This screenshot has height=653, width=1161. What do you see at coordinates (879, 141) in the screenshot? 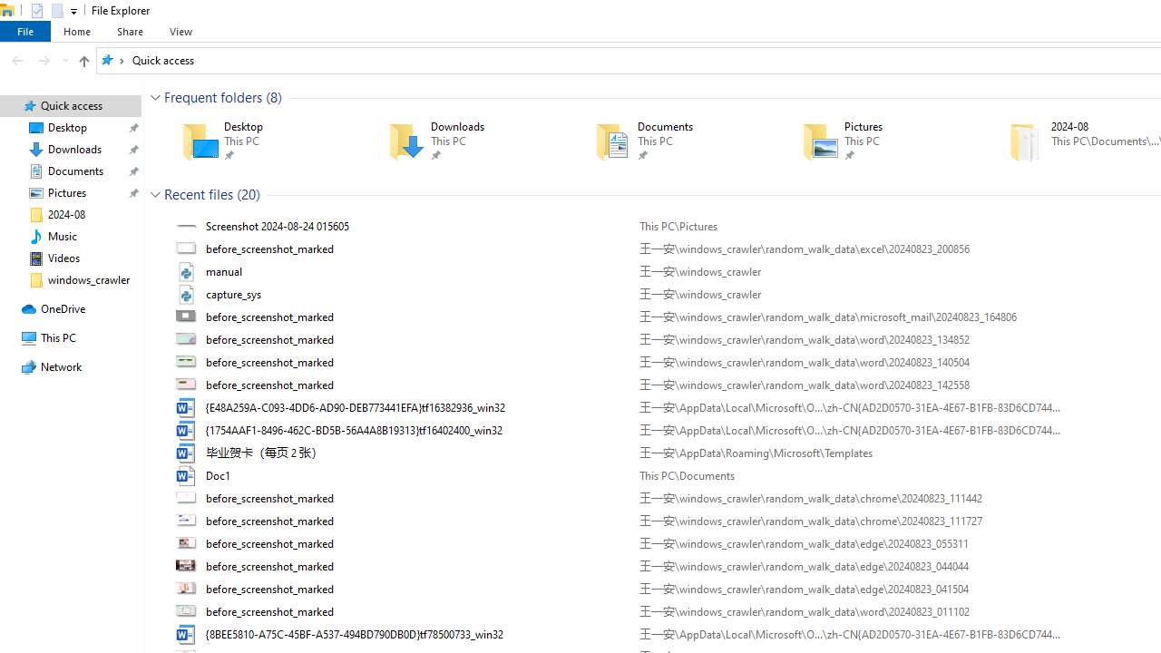
I see `'Pictures'` at bounding box center [879, 141].